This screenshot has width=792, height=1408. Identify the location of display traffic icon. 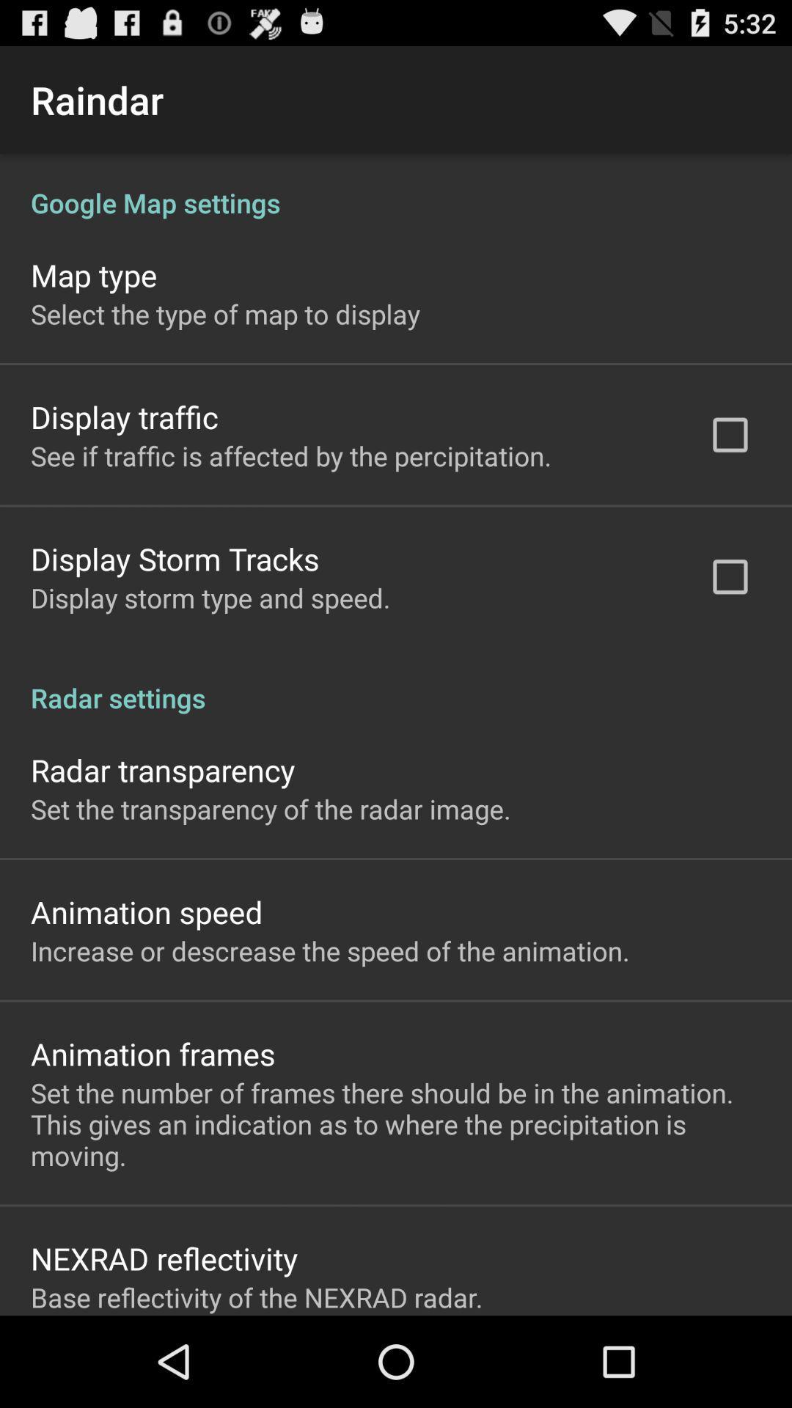
(123, 416).